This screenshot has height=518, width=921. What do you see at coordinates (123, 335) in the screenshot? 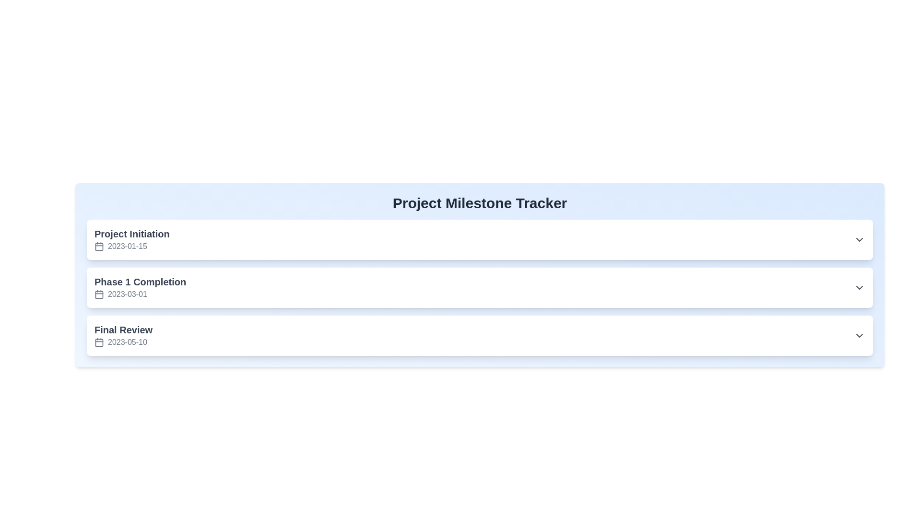
I see `the 'Final Review' text element with a calendar icon, which is the third item in the milestone list under 'Project Milestone Tracker'` at bounding box center [123, 335].